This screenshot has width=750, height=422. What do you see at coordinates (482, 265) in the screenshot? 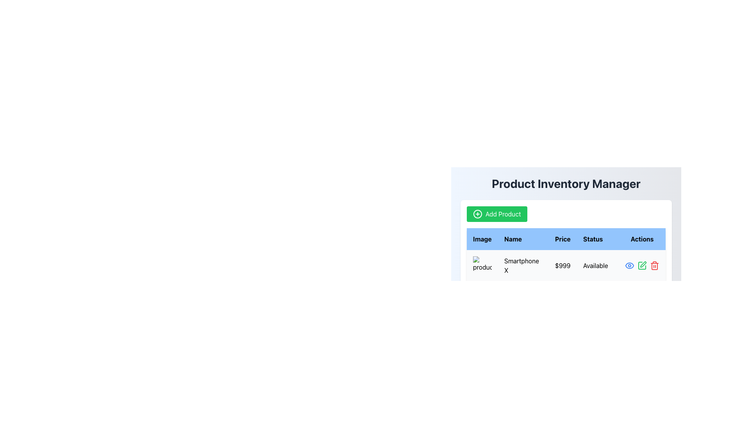
I see `the Image Holder element for 'Smartphone X', which is a rectangular box with a light background and a placeholder image, located in the first cell of the table row labeled 'Image'` at bounding box center [482, 265].